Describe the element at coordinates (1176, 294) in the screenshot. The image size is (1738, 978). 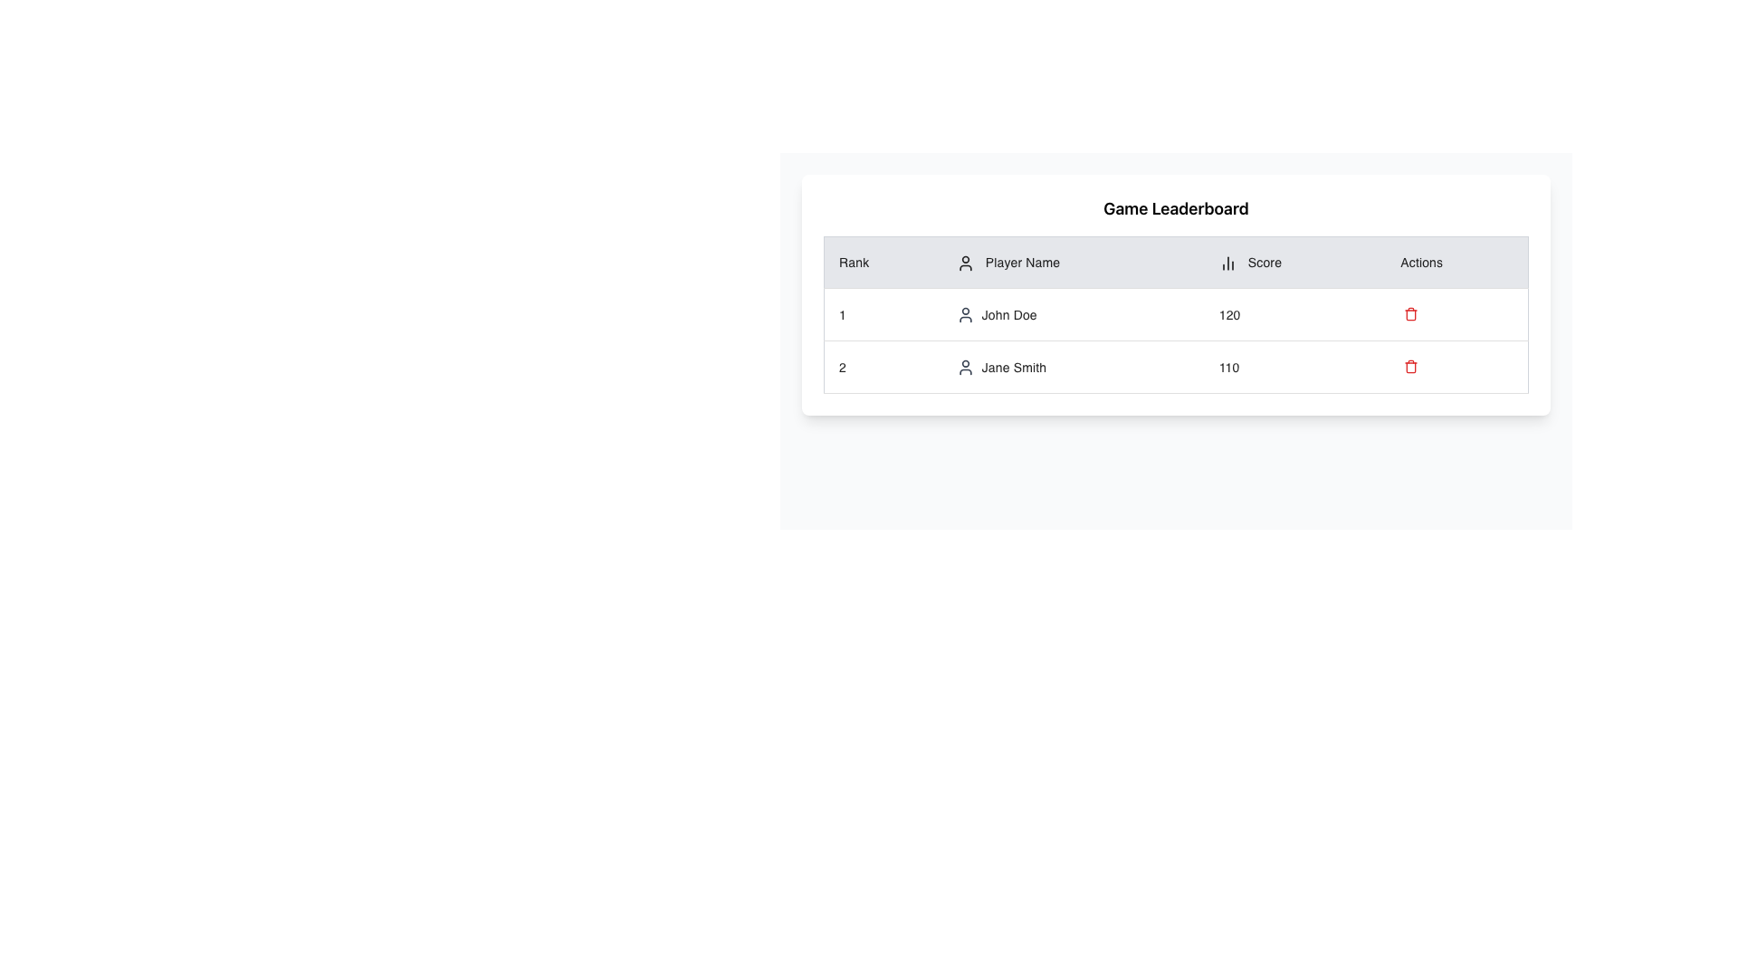
I see `a cell within the Game Leaderboard table to interact with its content` at that location.